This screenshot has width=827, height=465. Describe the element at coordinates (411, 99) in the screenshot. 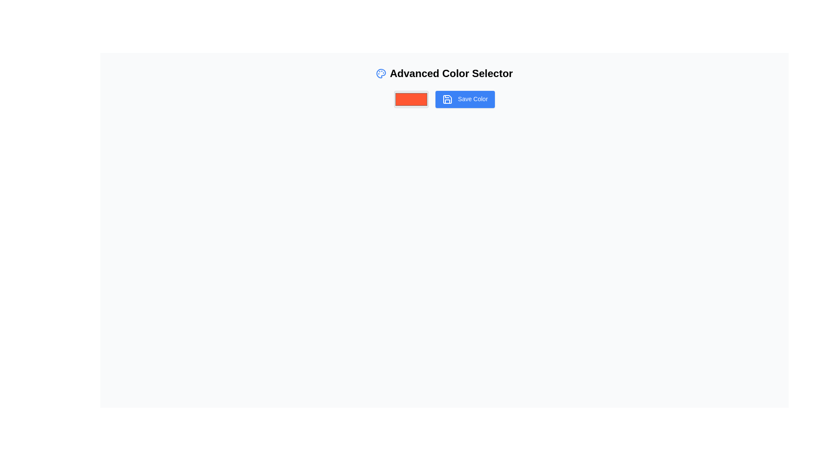

I see `the color picker element located to the left of the 'Save Color' button` at that location.